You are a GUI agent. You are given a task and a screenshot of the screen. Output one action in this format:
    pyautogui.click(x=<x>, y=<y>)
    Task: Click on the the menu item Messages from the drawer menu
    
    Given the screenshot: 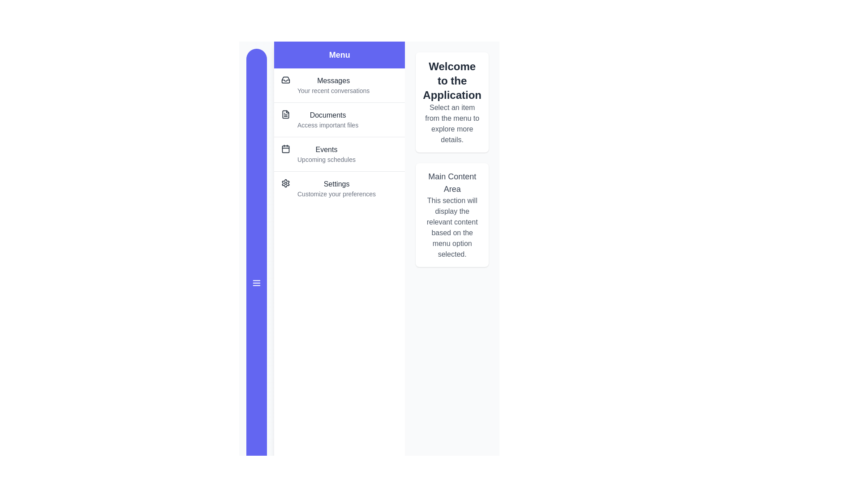 What is the action you would take?
    pyautogui.click(x=339, y=85)
    